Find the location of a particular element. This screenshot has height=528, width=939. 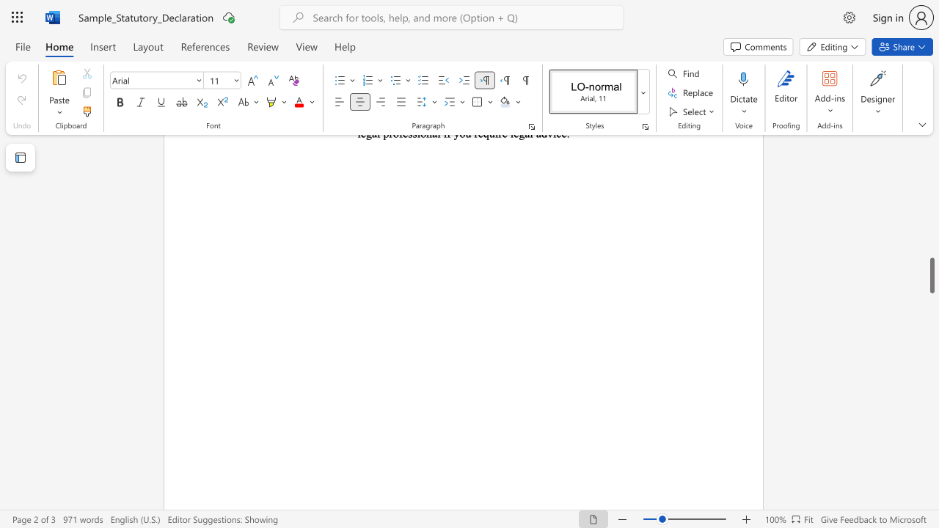

the scrollbar on the right is located at coordinates (931, 241).